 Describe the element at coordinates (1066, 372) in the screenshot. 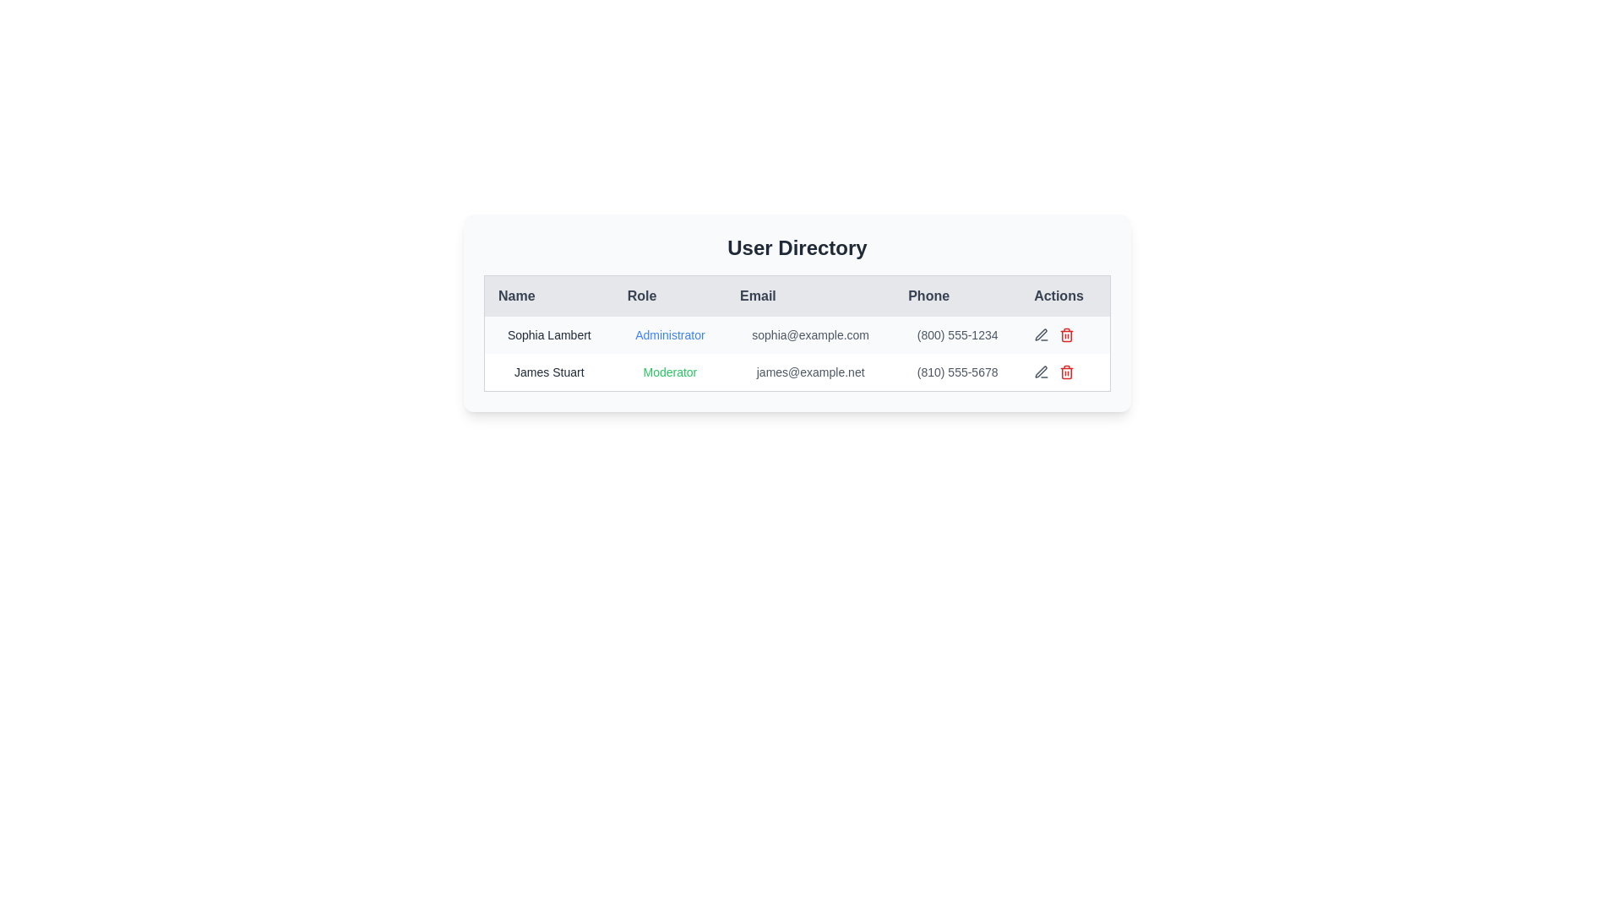

I see `the body outline of the trash icon located in the last column of the user table under the 'Actions' header` at that location.